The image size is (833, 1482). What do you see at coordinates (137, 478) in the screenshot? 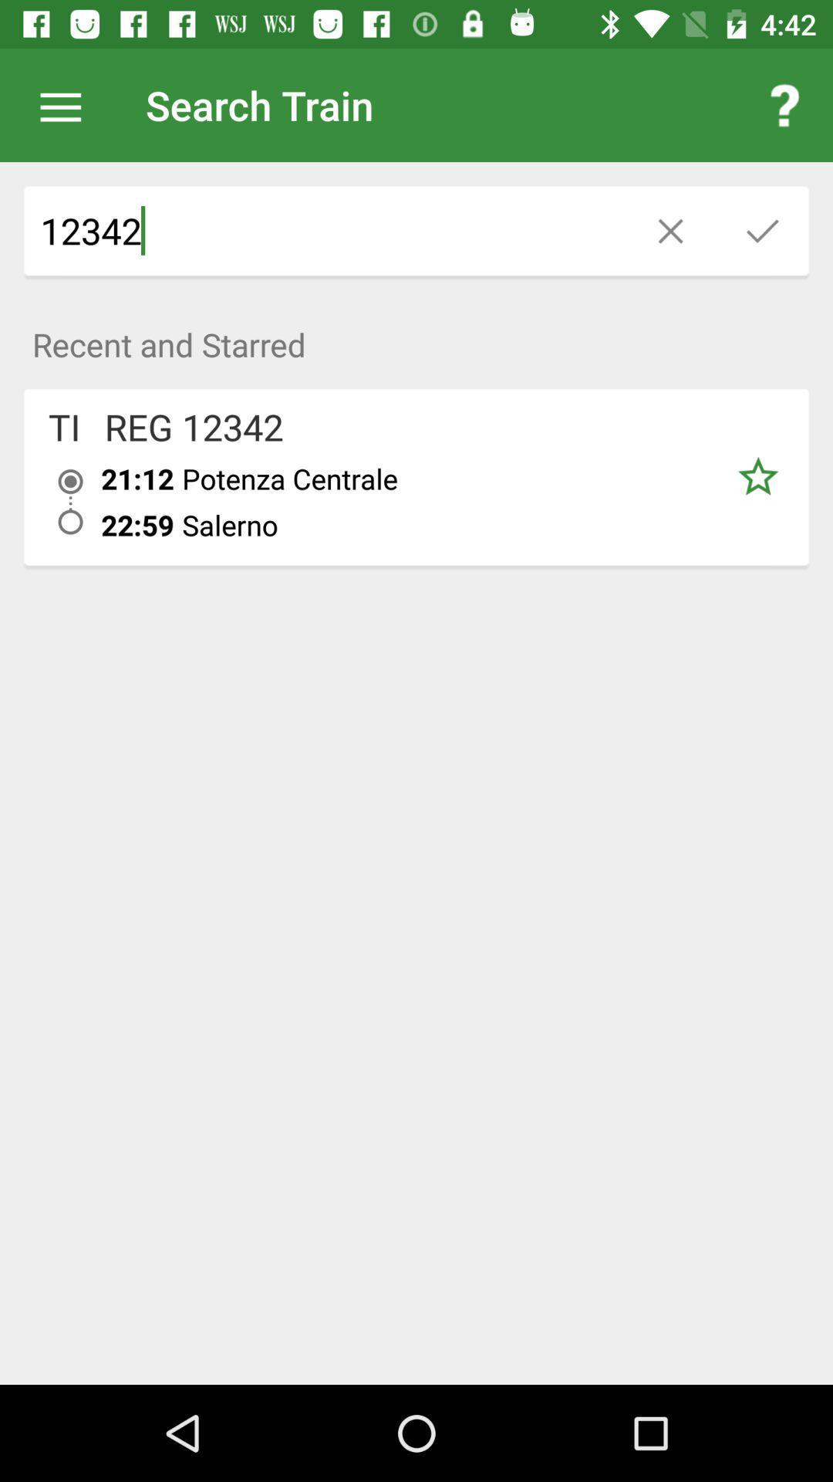
I see `the item below the reg 12342` at bounding box center [137, 478].